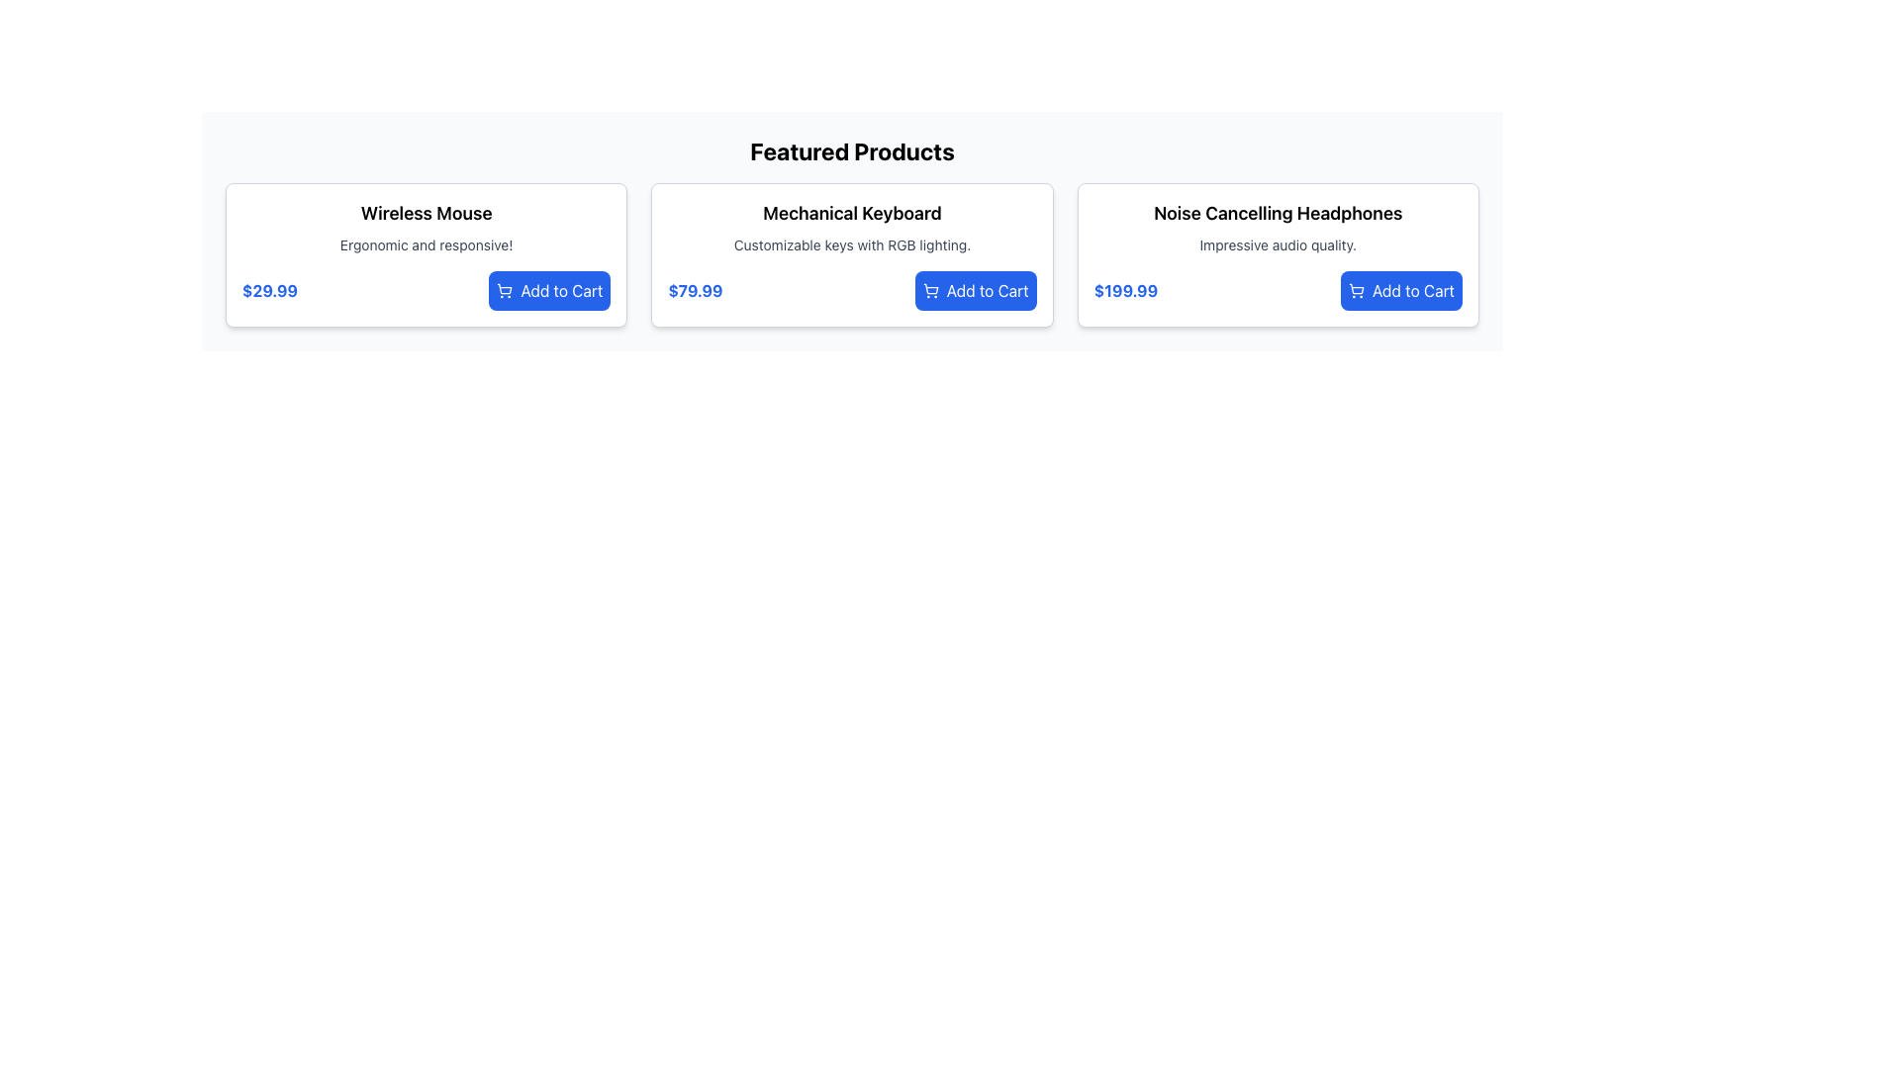 The image size is (1900, 1069). Describe the element at coordinates (1278, 214) in the screenshot. I see `the product title text located within the product card in the 'Featured Products' section to emphasize it` at that location.